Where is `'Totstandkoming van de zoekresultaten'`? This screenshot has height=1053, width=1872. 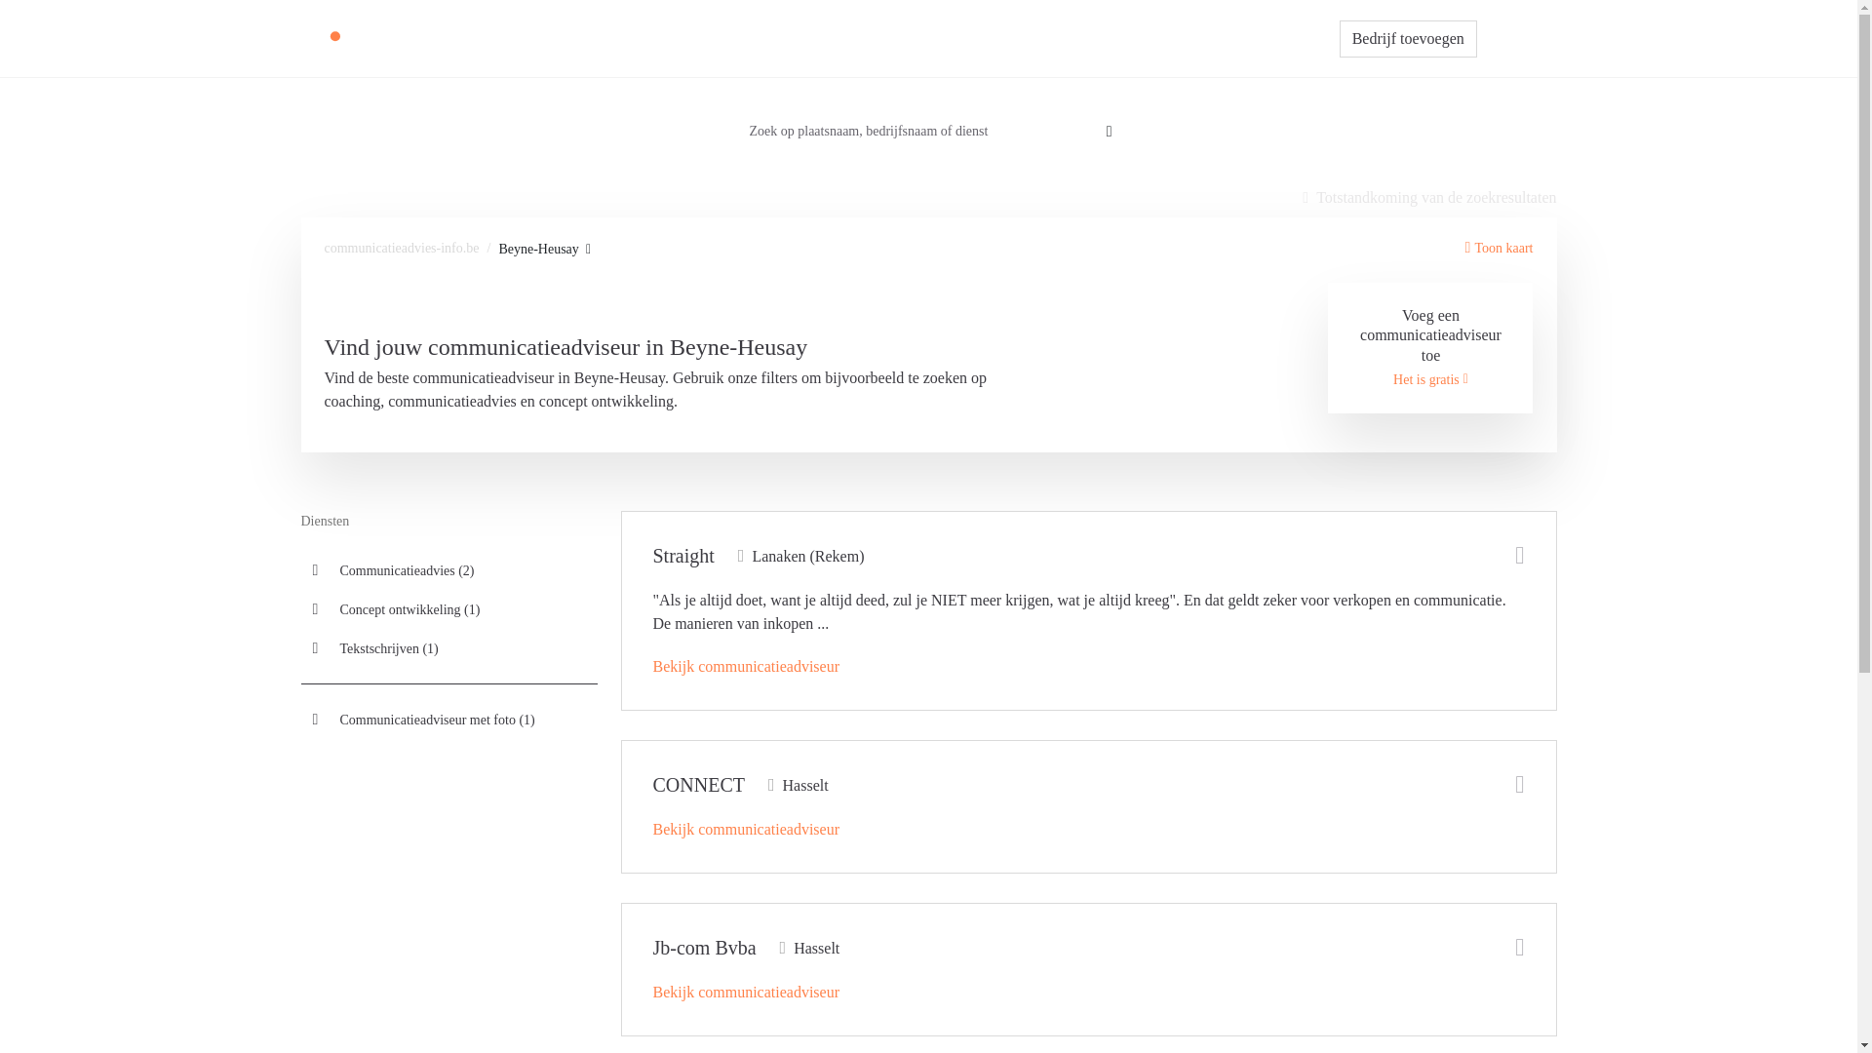 'Totstandkoming van de zoekresultaten' is located at coordinates (1428, 198).